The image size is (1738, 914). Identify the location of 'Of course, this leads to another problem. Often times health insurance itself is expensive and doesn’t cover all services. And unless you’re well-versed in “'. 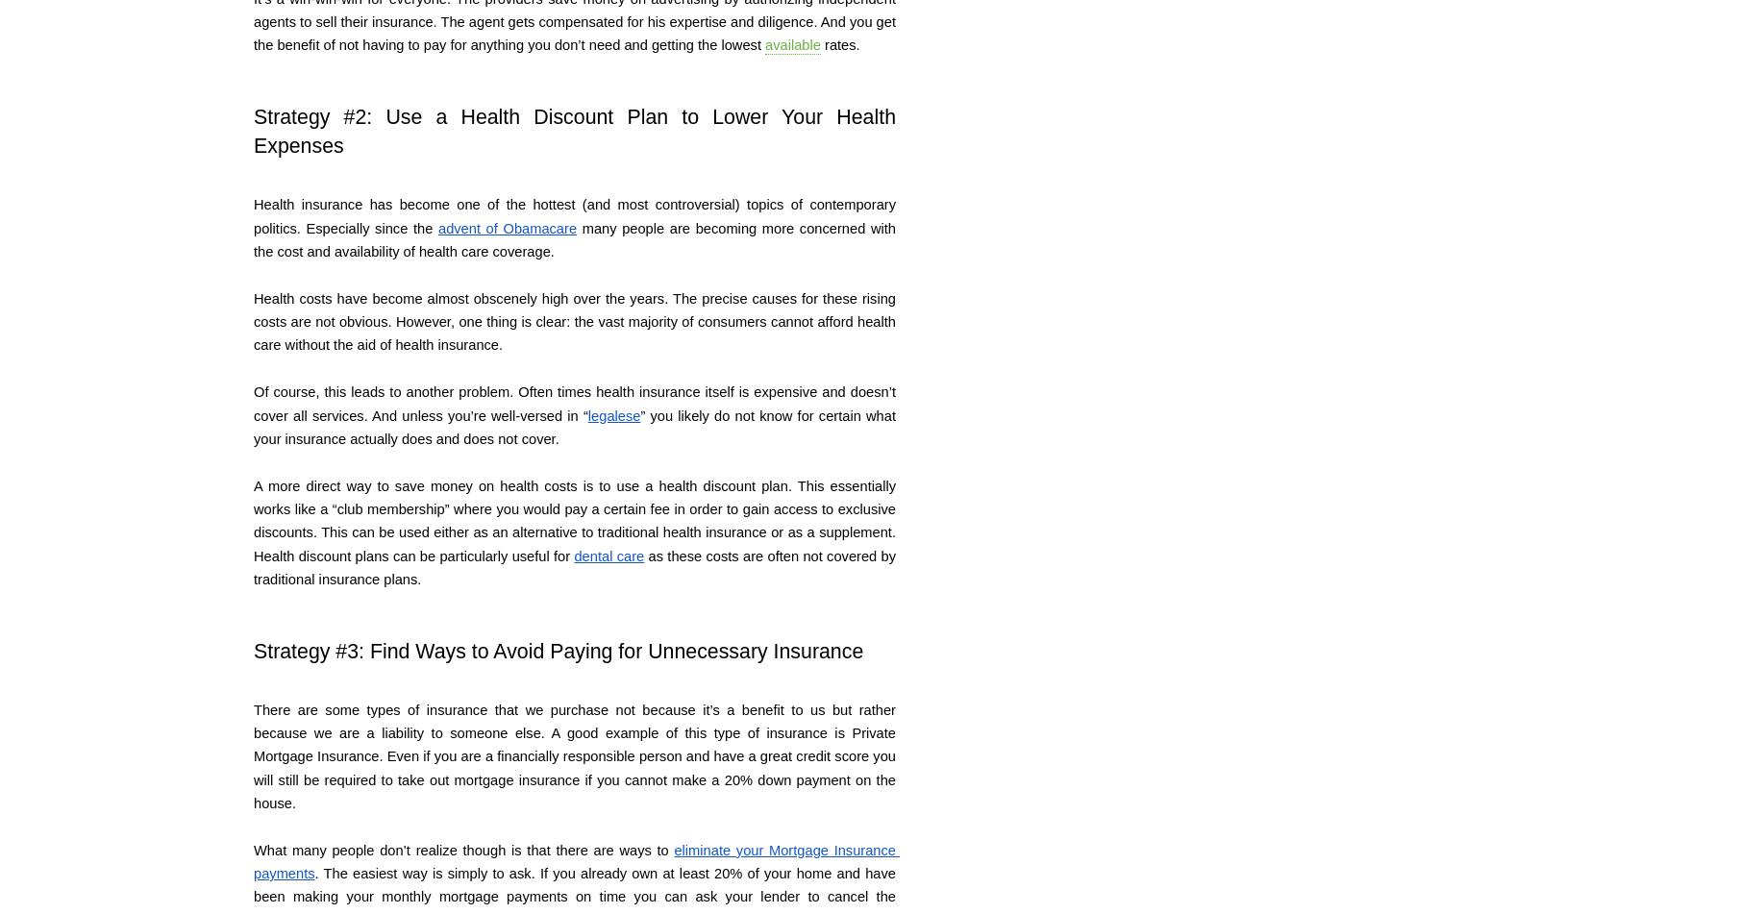
(576, 403).